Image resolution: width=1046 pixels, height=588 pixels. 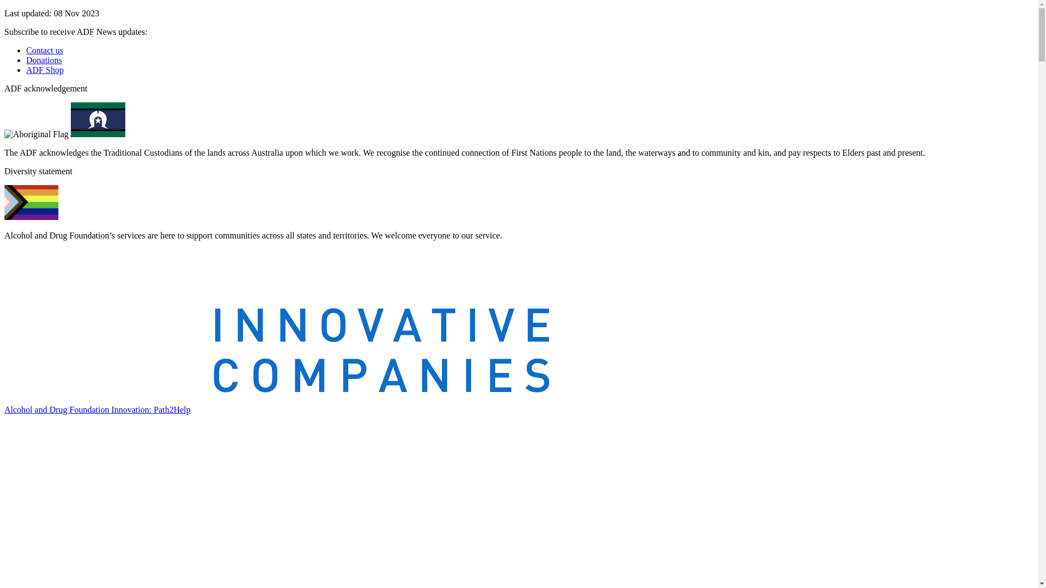 I want to click on '2022 AFR BOSS Most Innovative Companies', so click(x=277, y=321).